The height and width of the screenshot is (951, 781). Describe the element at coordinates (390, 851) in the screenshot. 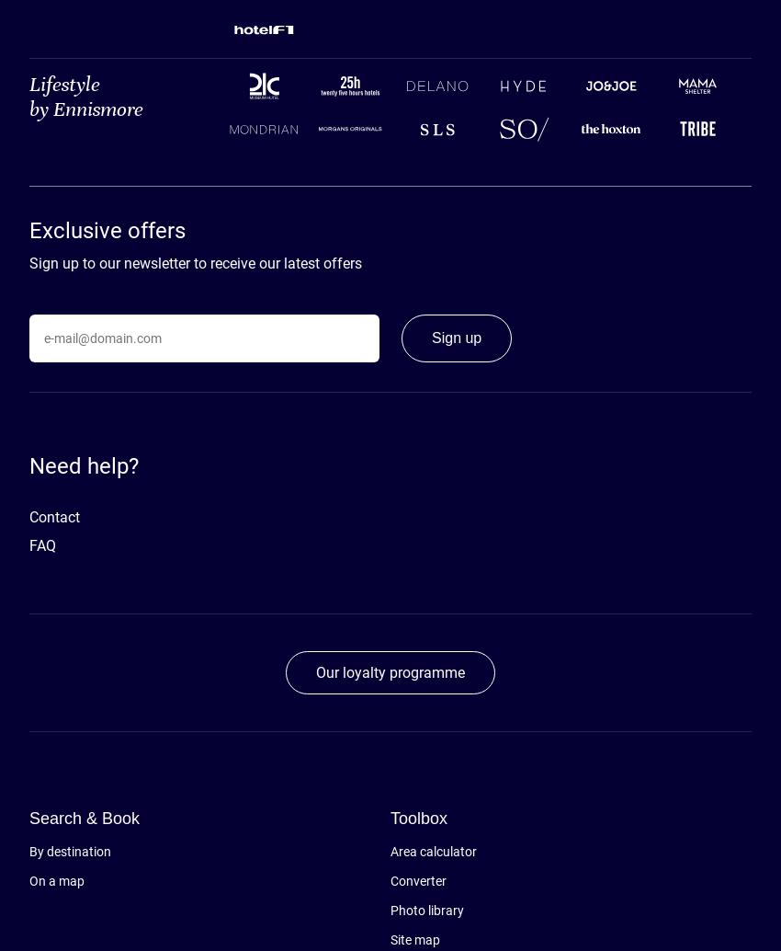

I see `'Area calculator'` at that location.